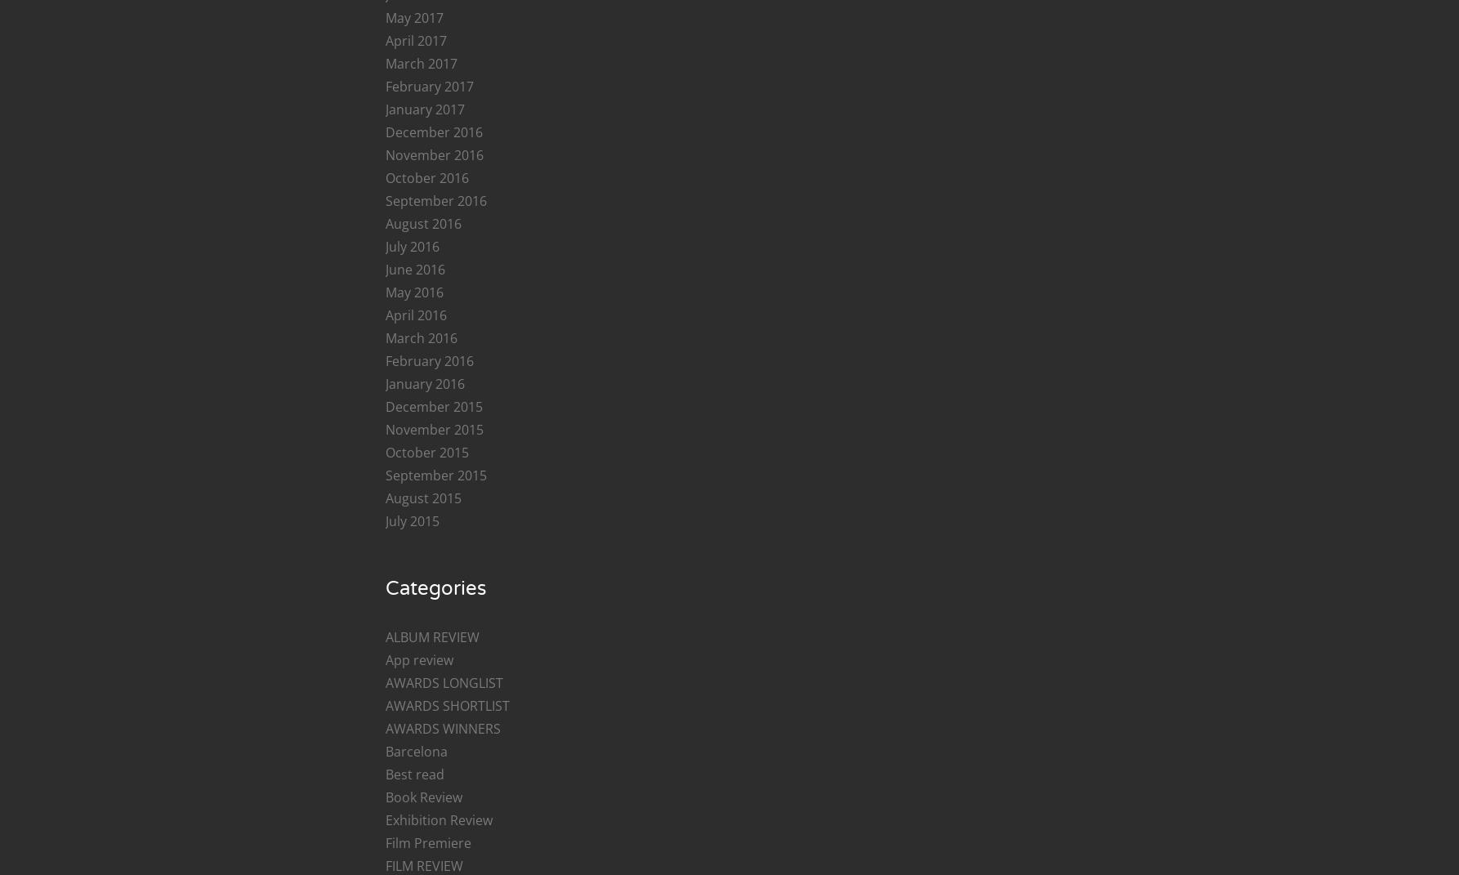 The image size is (1459, 875). I want to click on 'November 2015', so click(432, 428).